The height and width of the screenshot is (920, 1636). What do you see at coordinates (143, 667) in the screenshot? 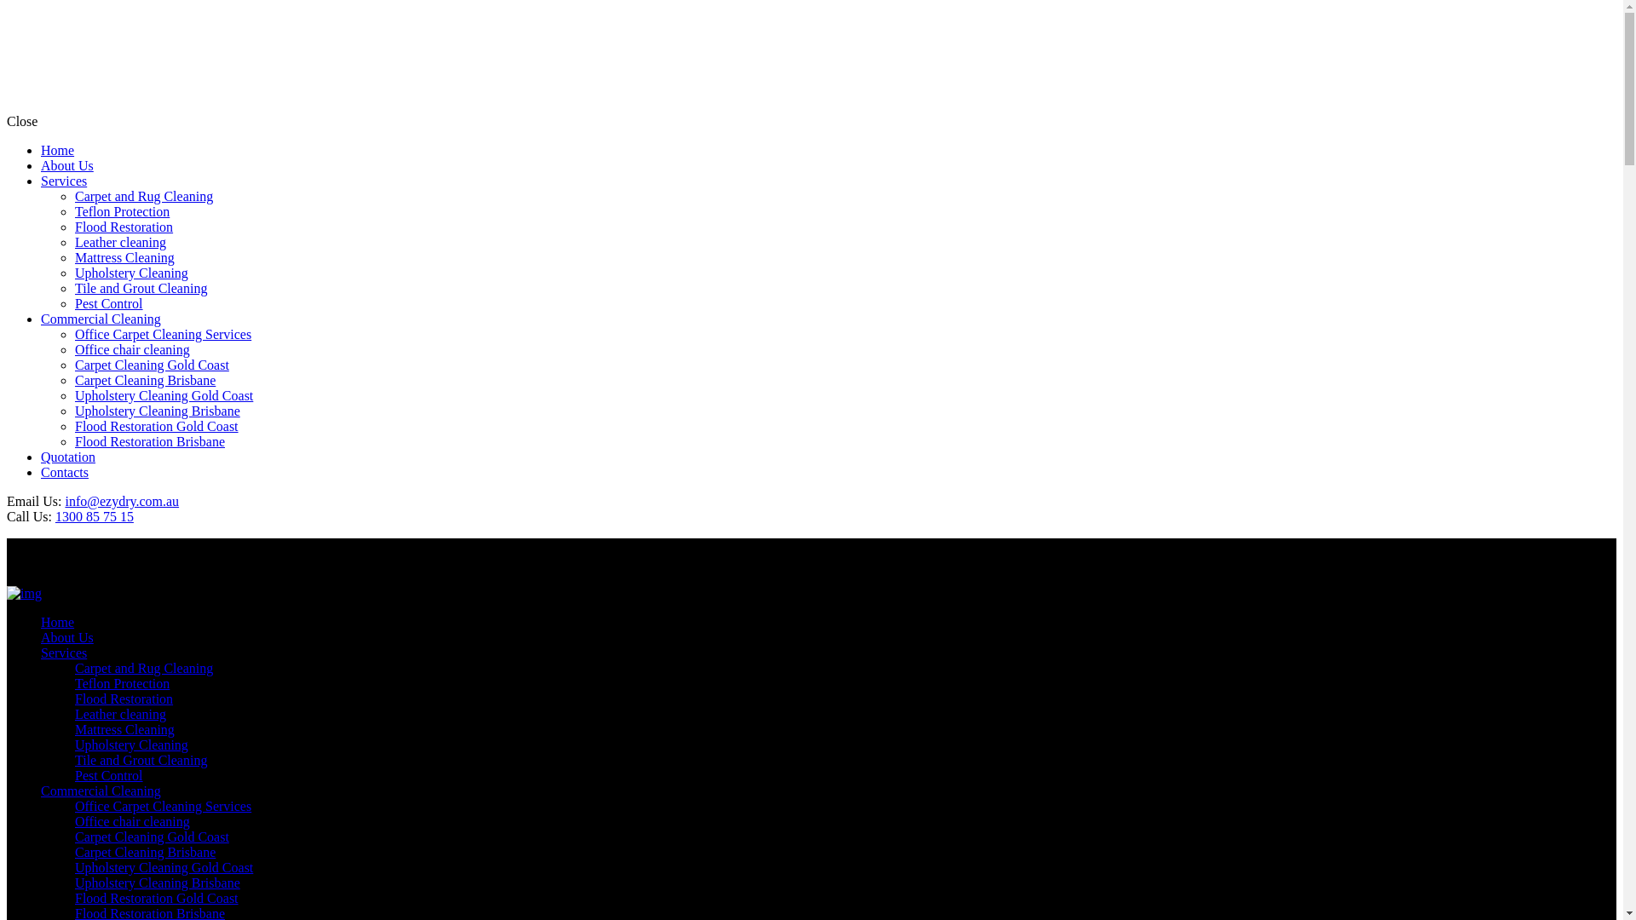
I see `'Carpet and Rug Cleaning'` at bounding box center [143, 667].